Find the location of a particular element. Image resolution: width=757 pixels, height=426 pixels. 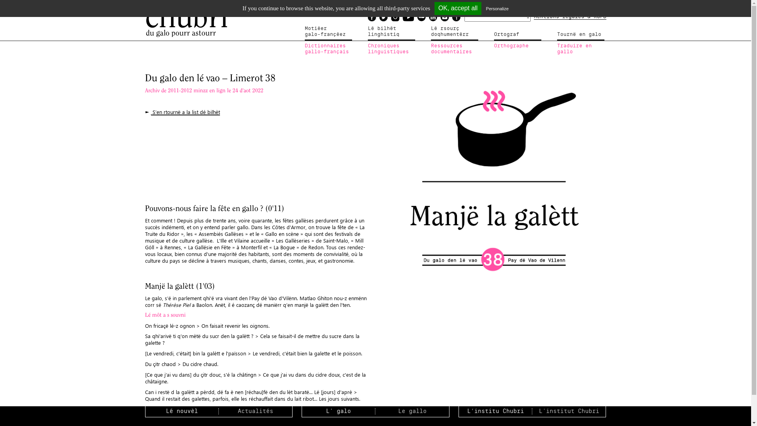

'soundcloud' is located at coordinates (416, 17).